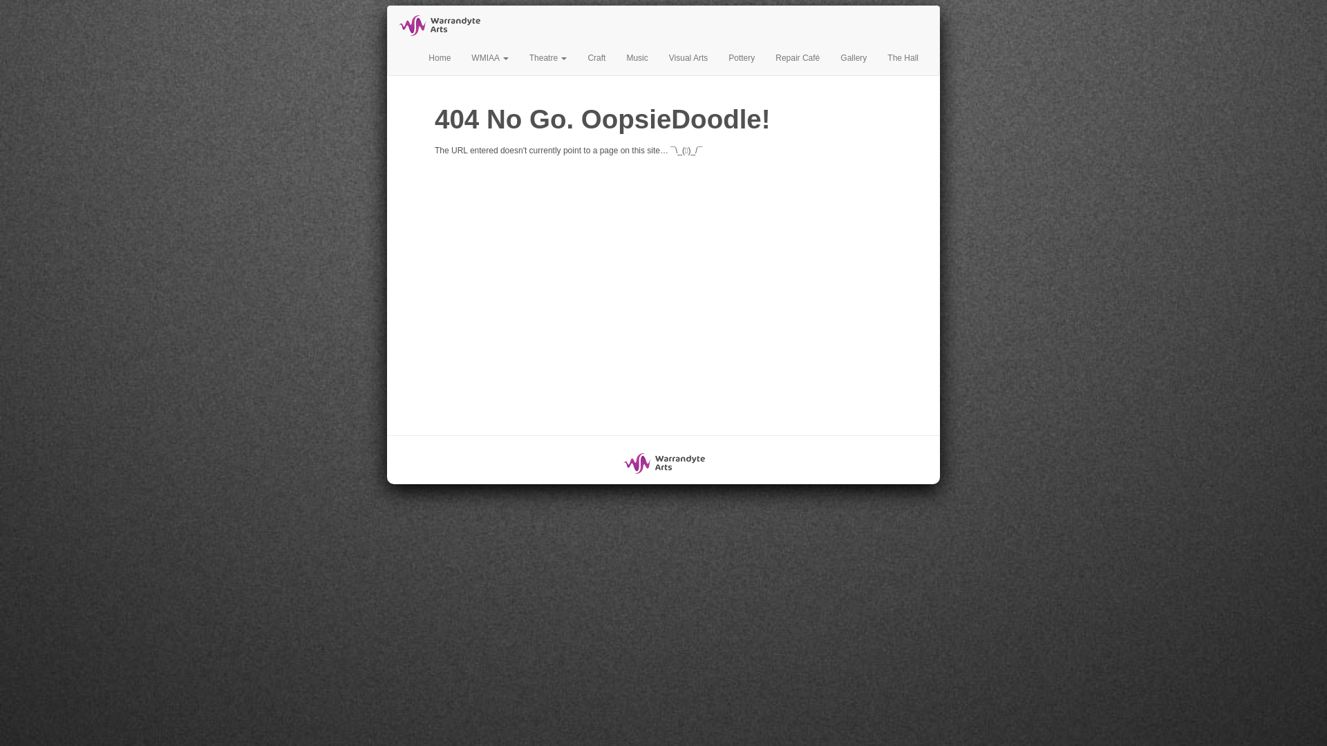 This screenshot has width=1327, height=746. I want to click on 'The Hall', so click(903, 57).